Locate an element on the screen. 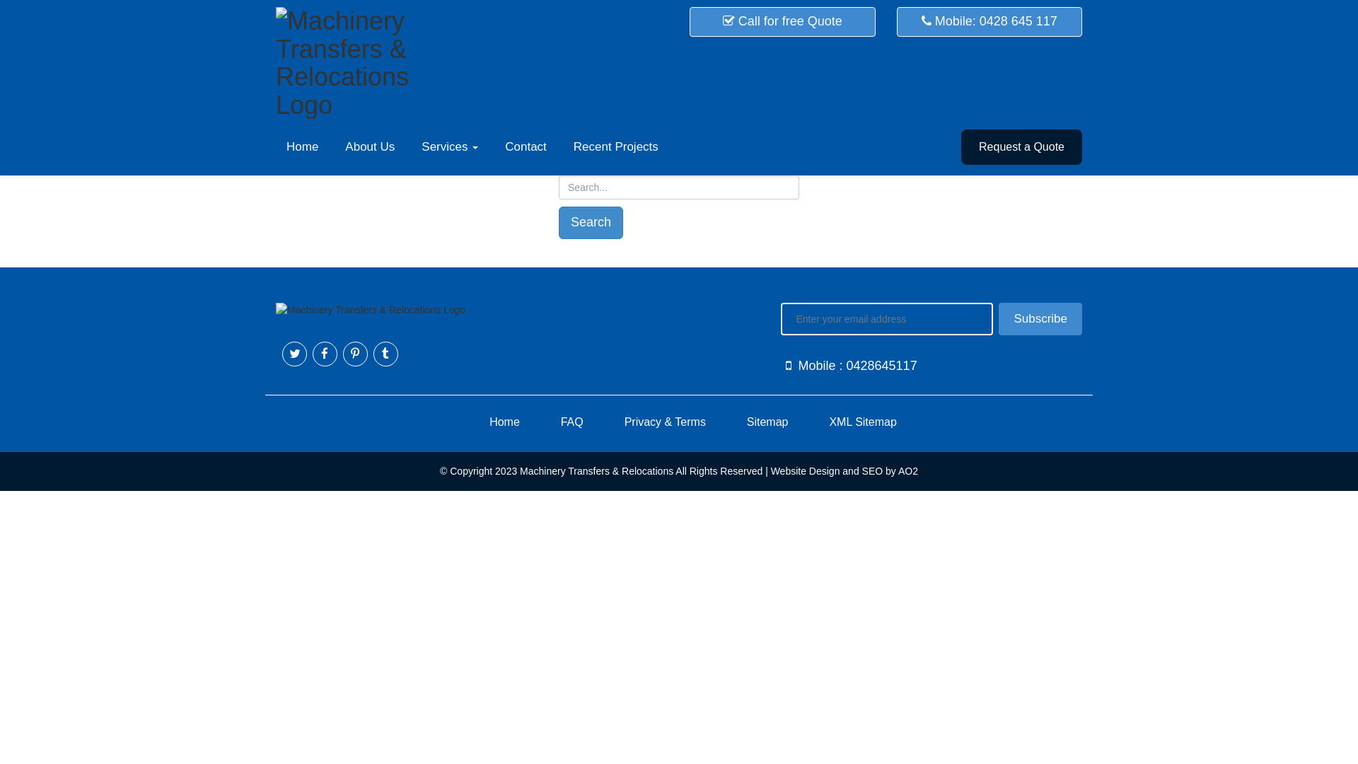 The image size is (1358, 764). 'Home' is located at coordinates (504, 421).